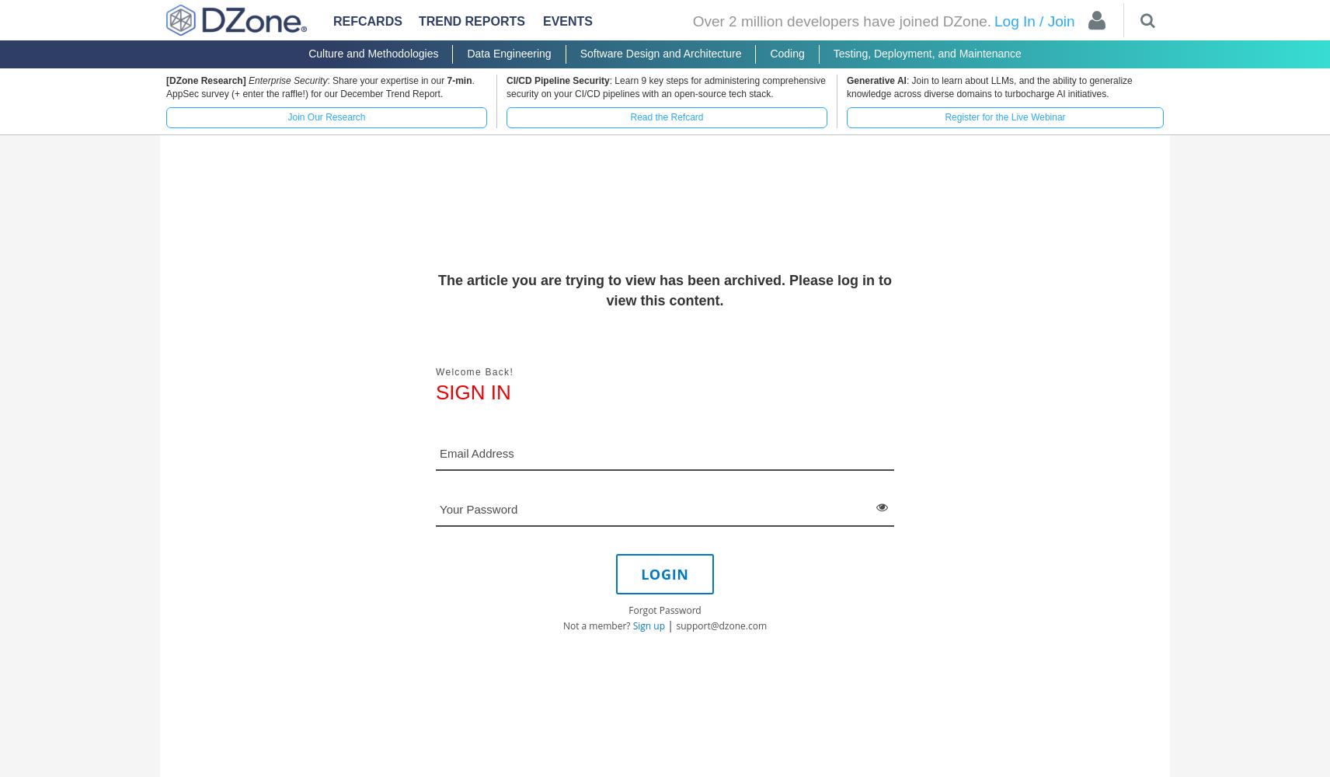  What do you see at coordinates (666, 117) in the screenshot?
I see `'Read the Refcard'` at bounding box center [666, 117].